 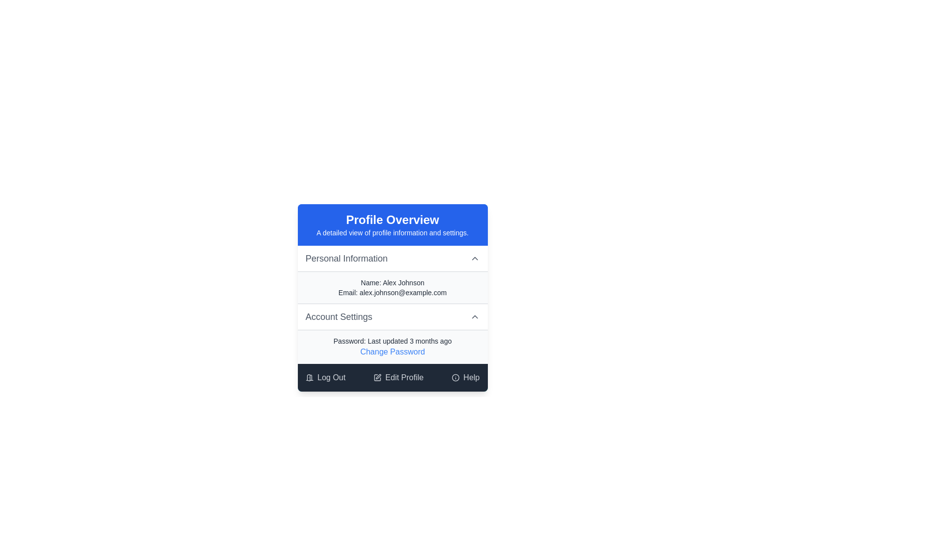 I want to click on the Header element titled 'Profile Overview' which has a blue background and contains the subtitle 'A detailed view of profile information and settings.', so click(x=392, y=225).